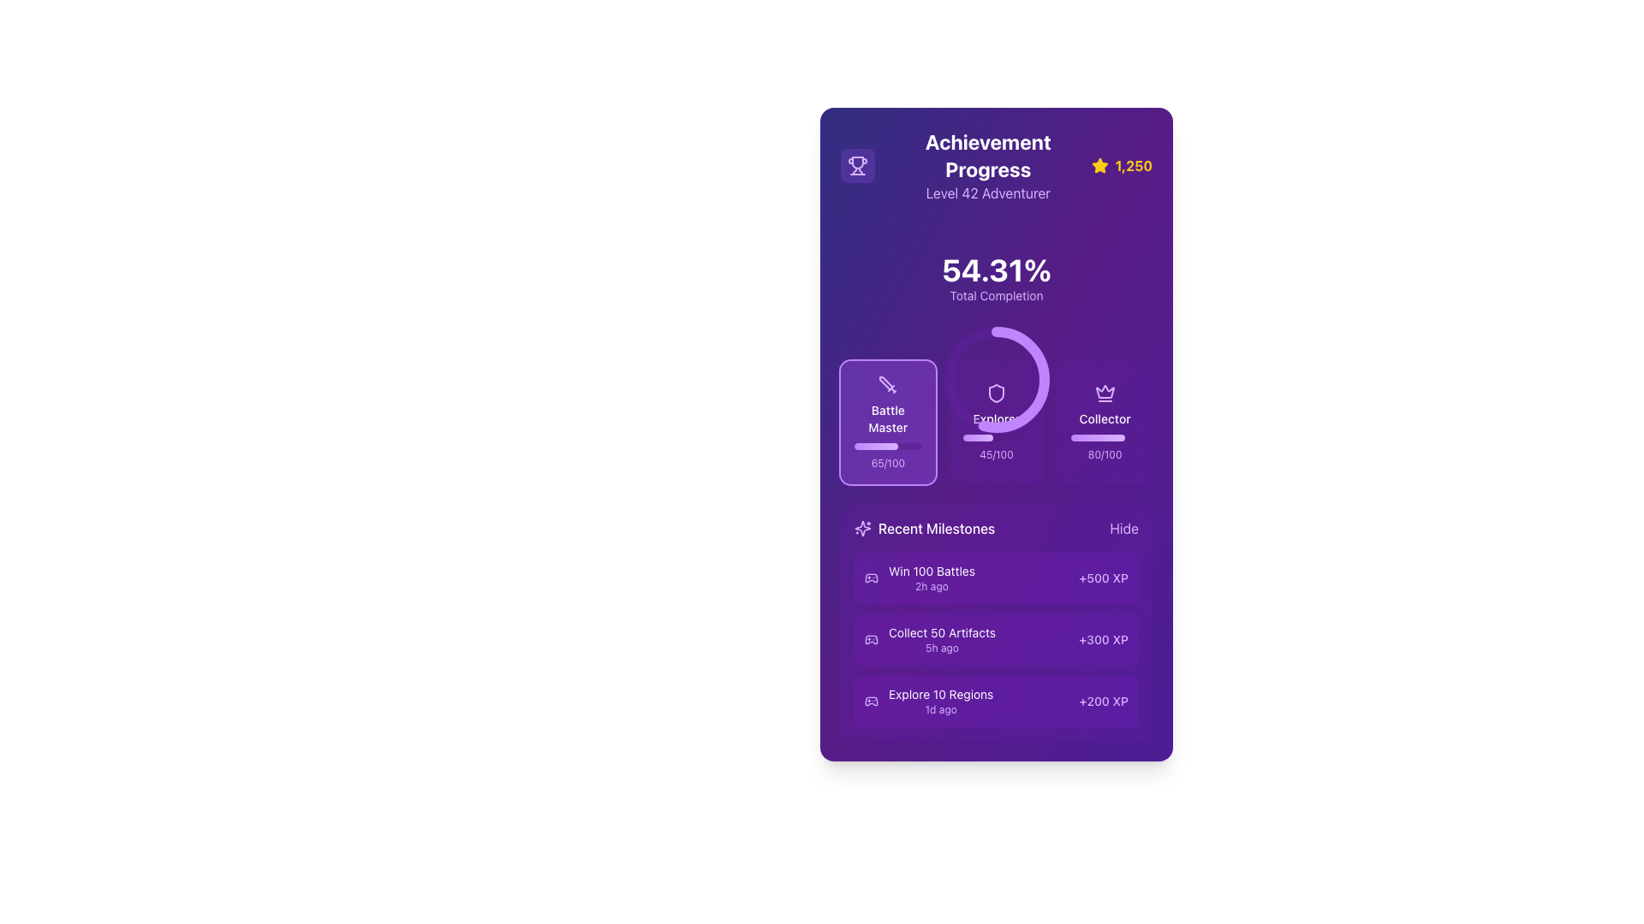 Image resolution: width=1644 pixels, height=924 pixels. Describe the element at coordinates (941, 640) in the screenshot. I see `the 'Collect 50 Artifacts' text label in the Recent Milestones section` at that location.